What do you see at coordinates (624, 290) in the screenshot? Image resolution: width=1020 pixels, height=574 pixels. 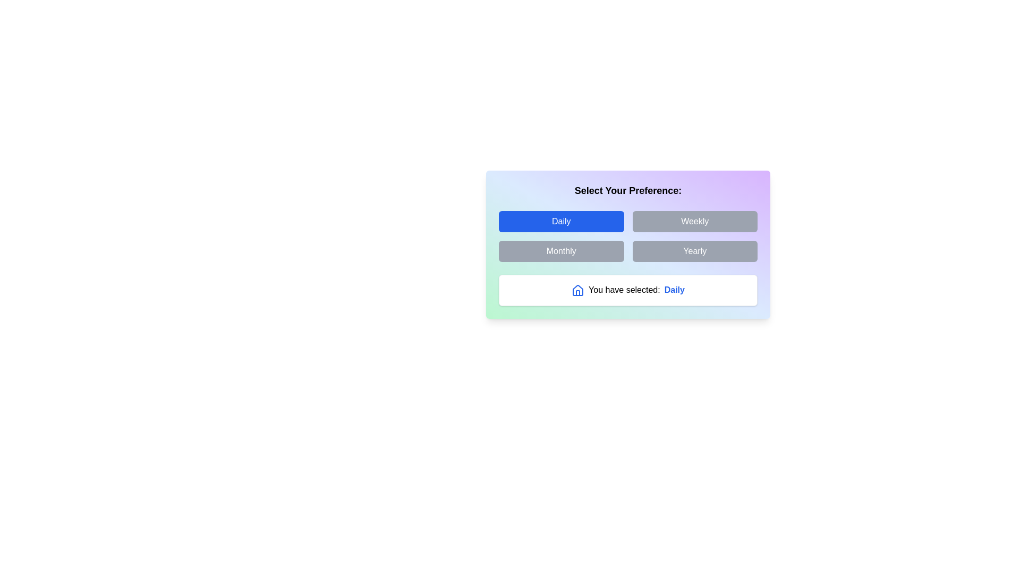 I see `the text label indicating the user's selected preference, located beneath the preference selection buttons, to show the context menu` at bounding box center [624, 290].